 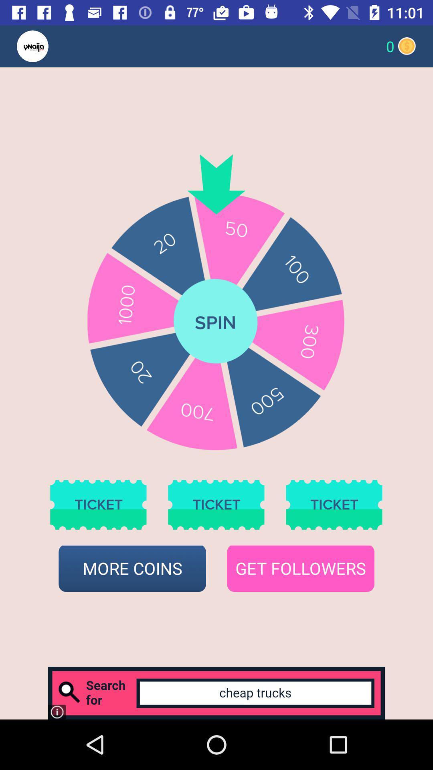 I want to click on the icon below ticket icon, so click(x=300, y=568).